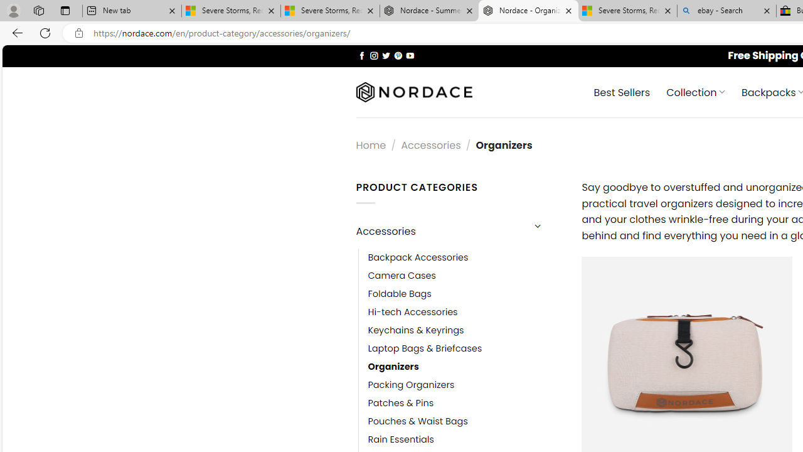 The width and height of the screenshot is (803, 452). Describe the element at coordinates (397, 55) in the screenshot. I see `'Follow on Pinterest'` at that location.